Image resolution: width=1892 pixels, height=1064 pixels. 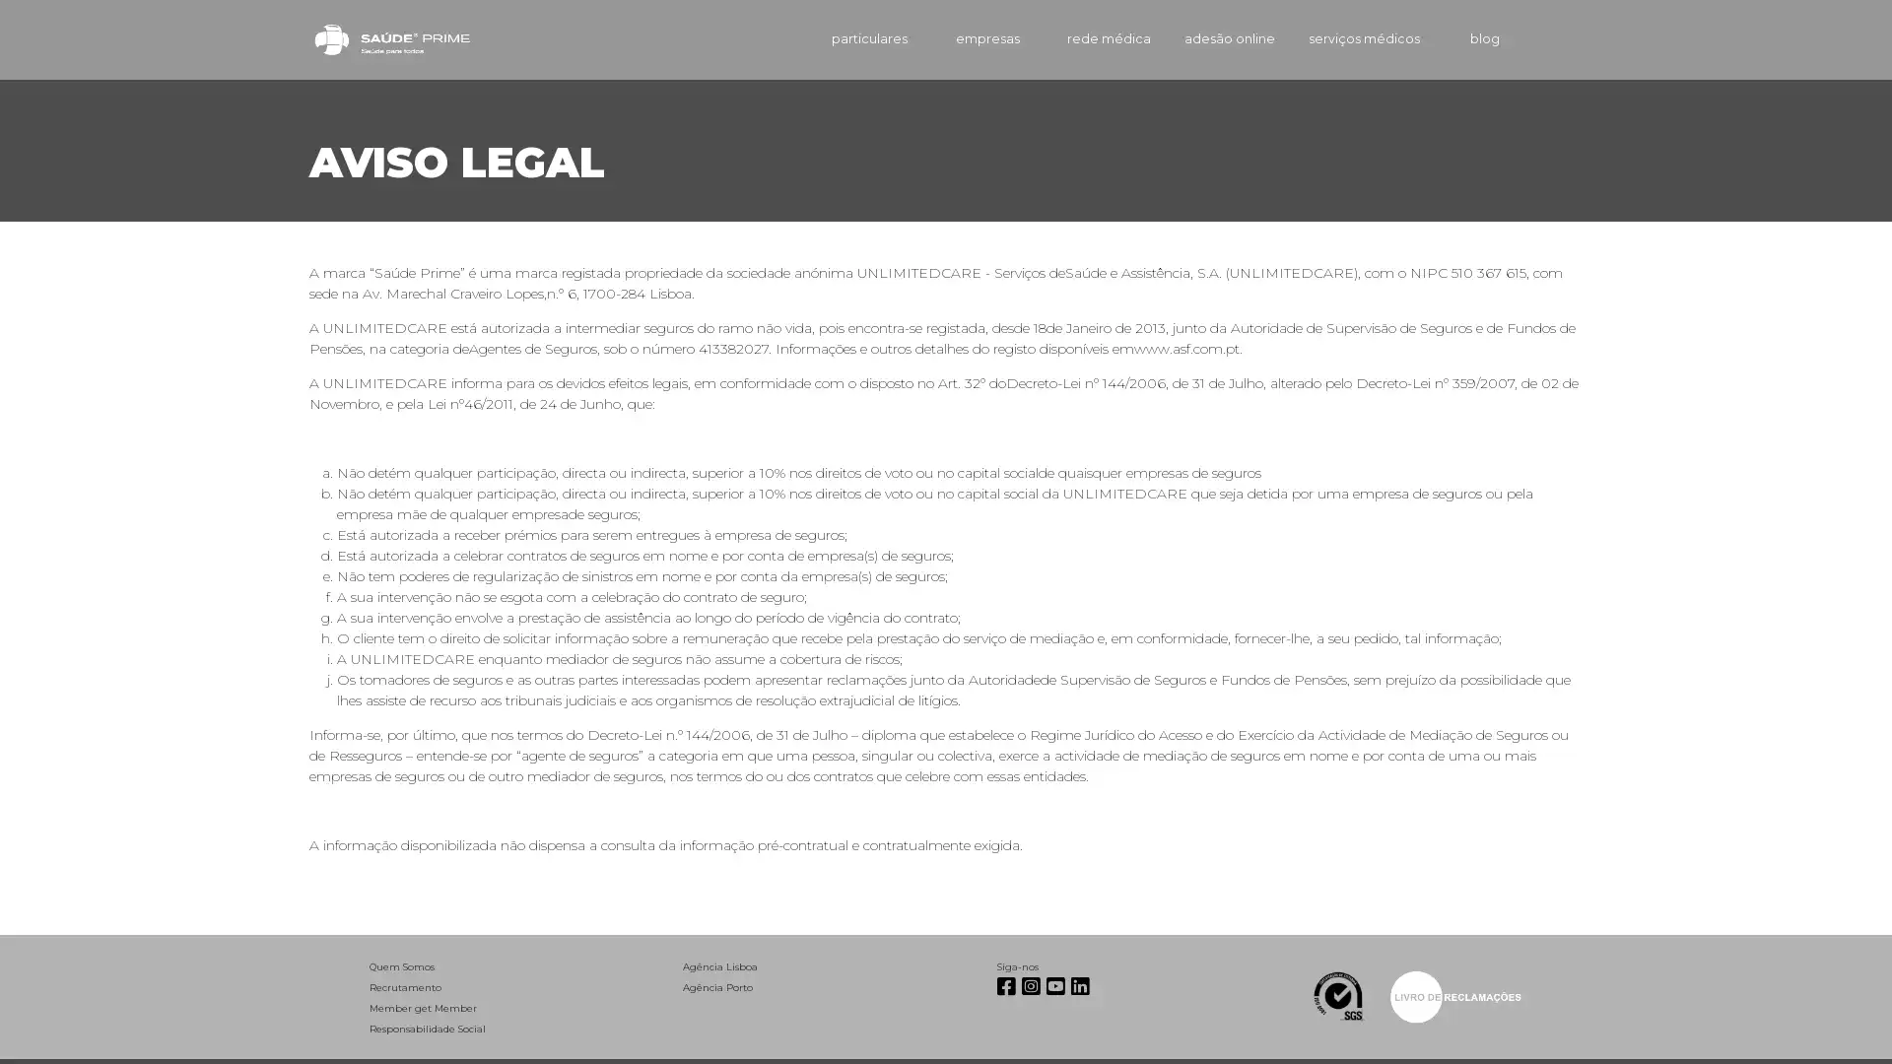 What do you see at coordinates (1078, 38) in the screenshot?
I see `rede medica` at bounding box center [1078, 38].